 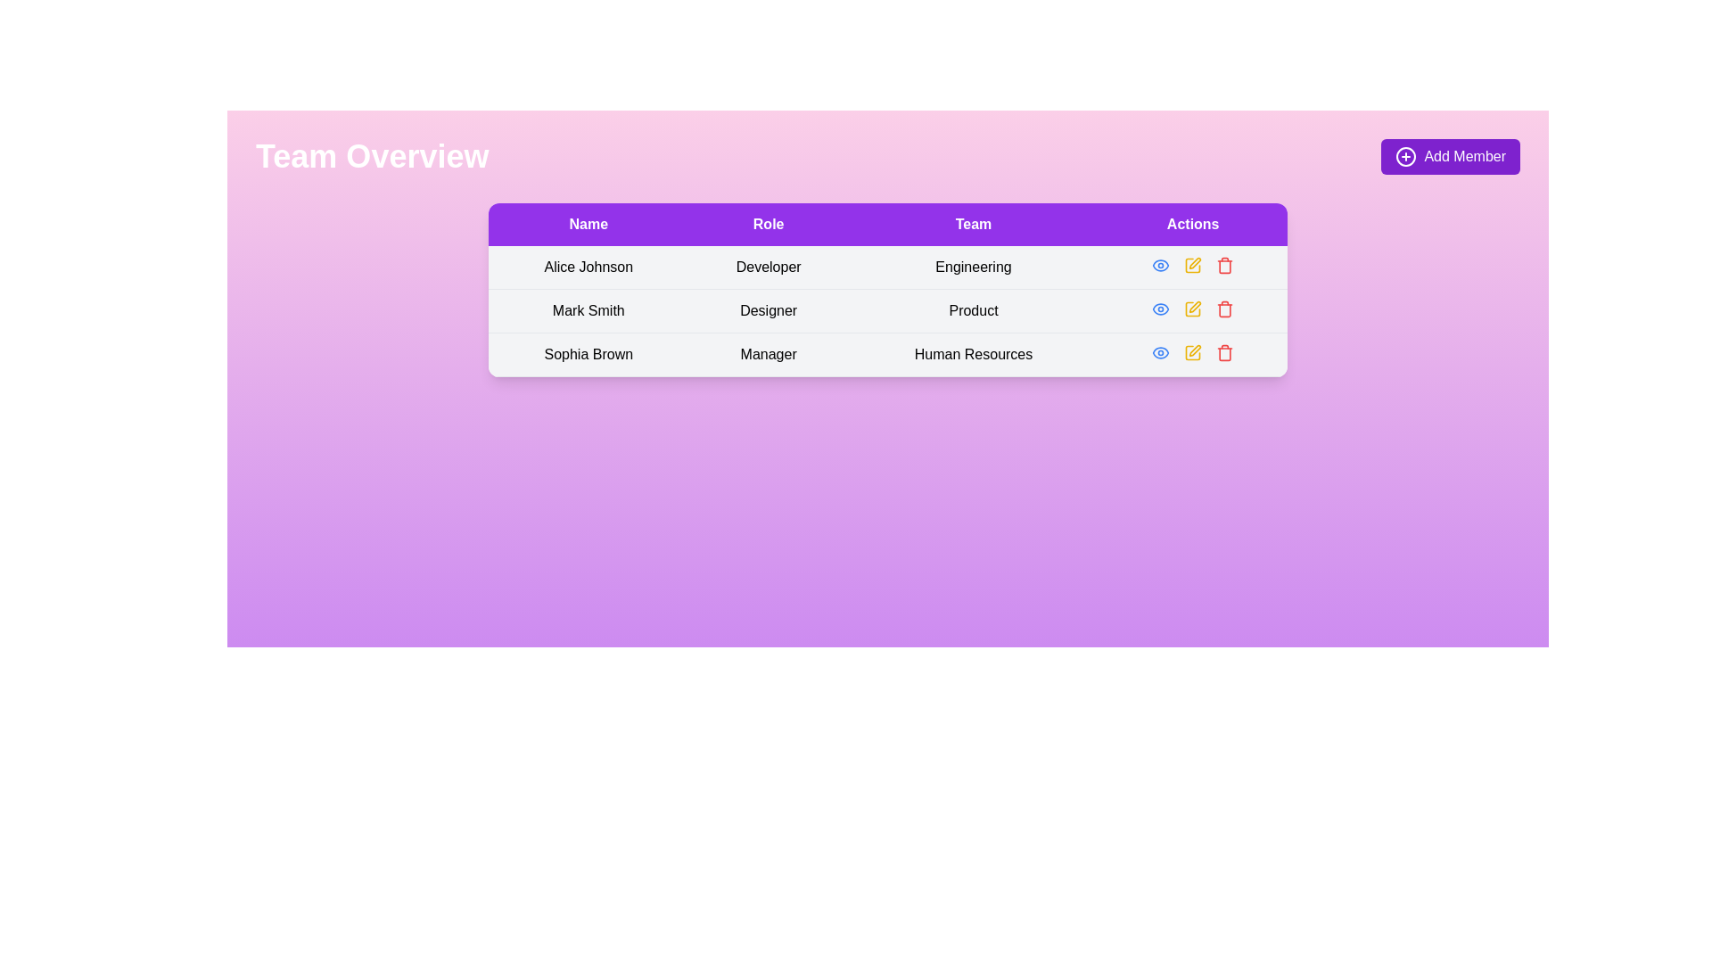 I want to click on the 'Developer' text label in the 'Role' column of the first data row, which corresponds to 'Alice Johnson', so click(x=769, y=267).